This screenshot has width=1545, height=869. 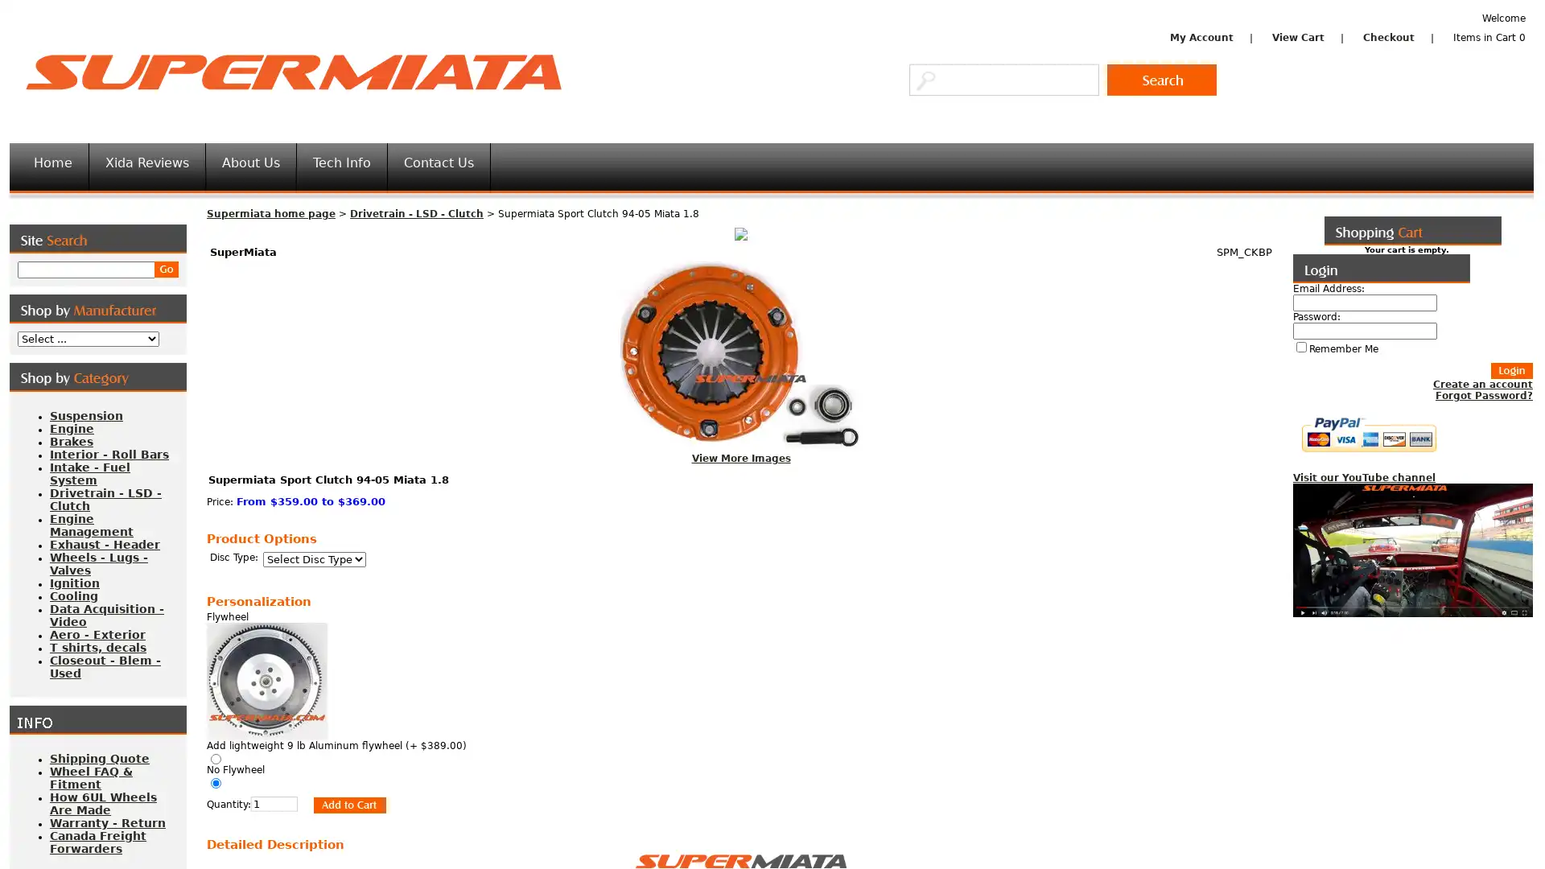 What do you see at coordinates (1510, 371) in the screenshot?
I see `Submit` at bounding box center [1510, 371].